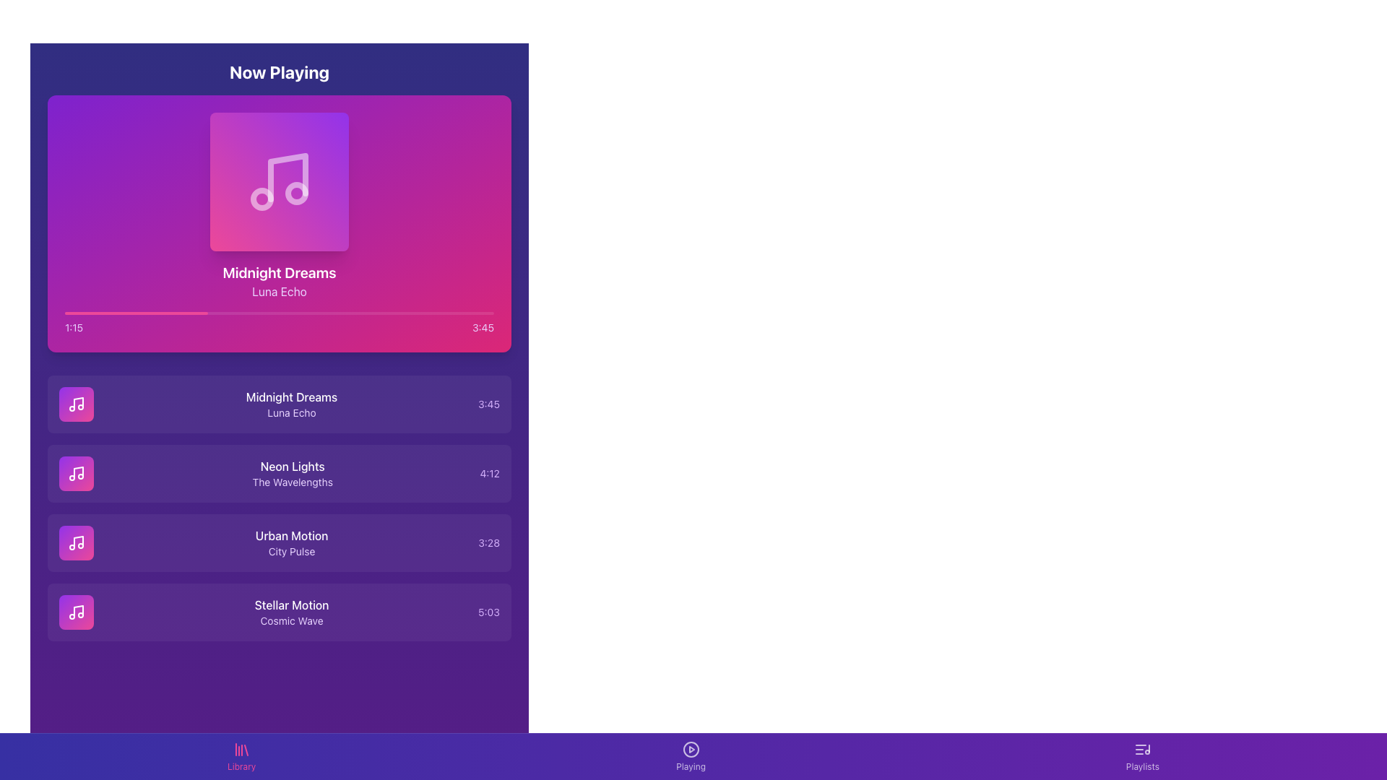 This screenshot has width=1387, height=780. Describe the element at coordinates (291, 620) in the screenshot. I see `text label providing additional information about the song 'Stellar Motion', located beneath the song title in the details section of the list entry` at that location.